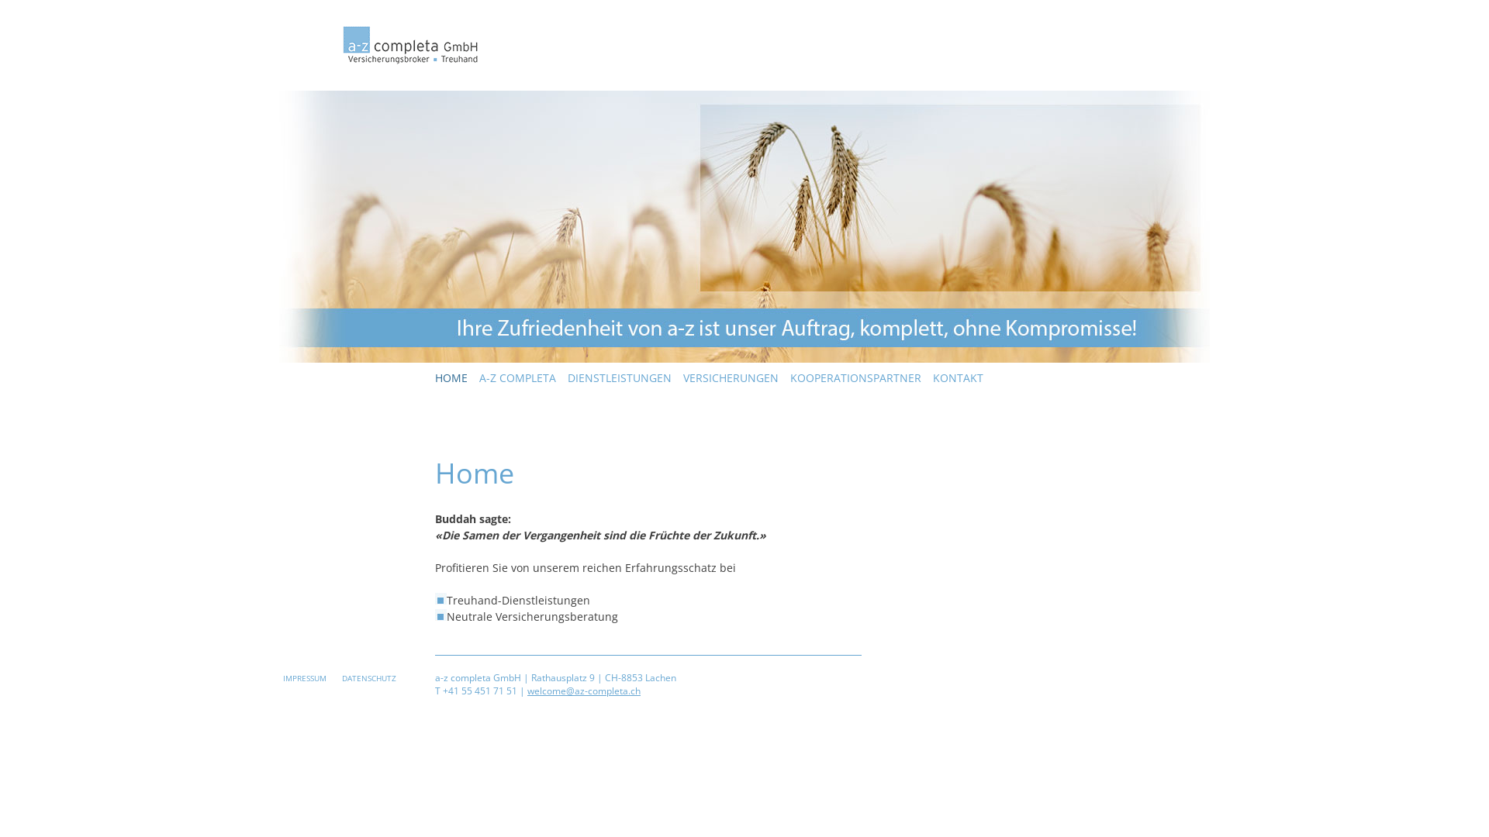 This screenshot has width=1489, height=837. I want to click on 'VERSICHERUNGEN', so click(682, 377).